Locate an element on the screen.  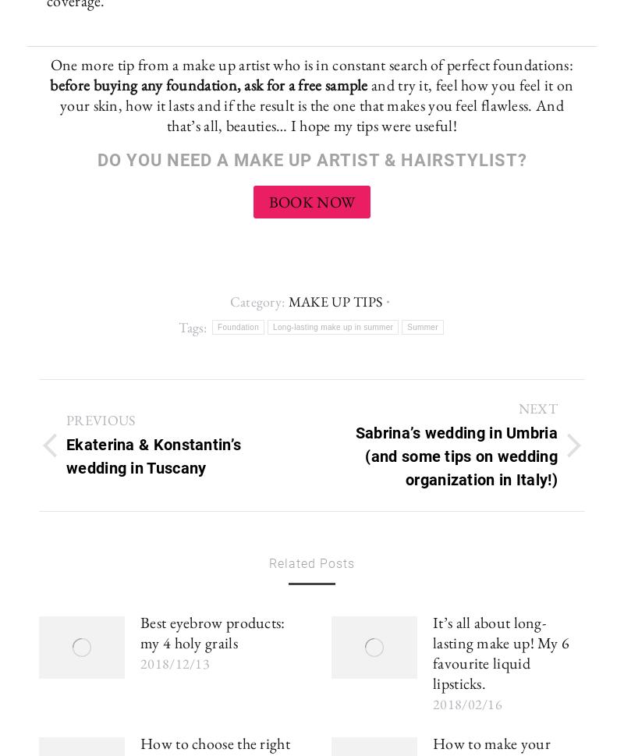
'Related Posts' is located at coordinates (269, 563).